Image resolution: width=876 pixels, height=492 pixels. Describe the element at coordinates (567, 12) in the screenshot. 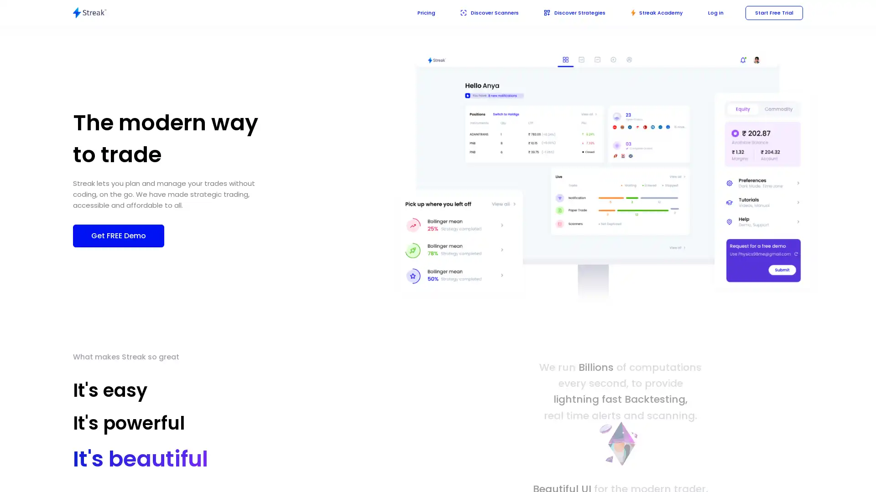

I see `Discover Strategies` at that location.